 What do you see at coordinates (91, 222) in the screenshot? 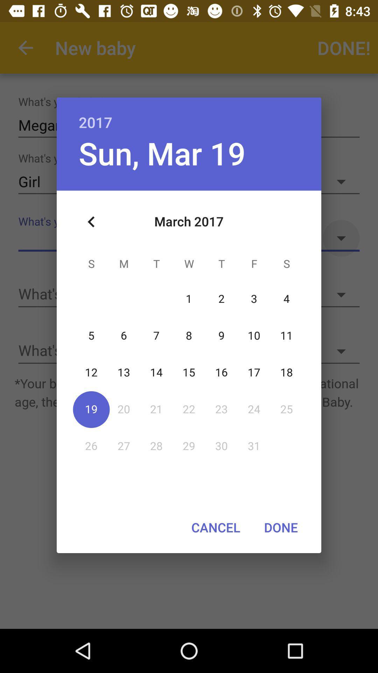
I see `icon below the sun, mar 19 icon` at bounding box center [91, 222].